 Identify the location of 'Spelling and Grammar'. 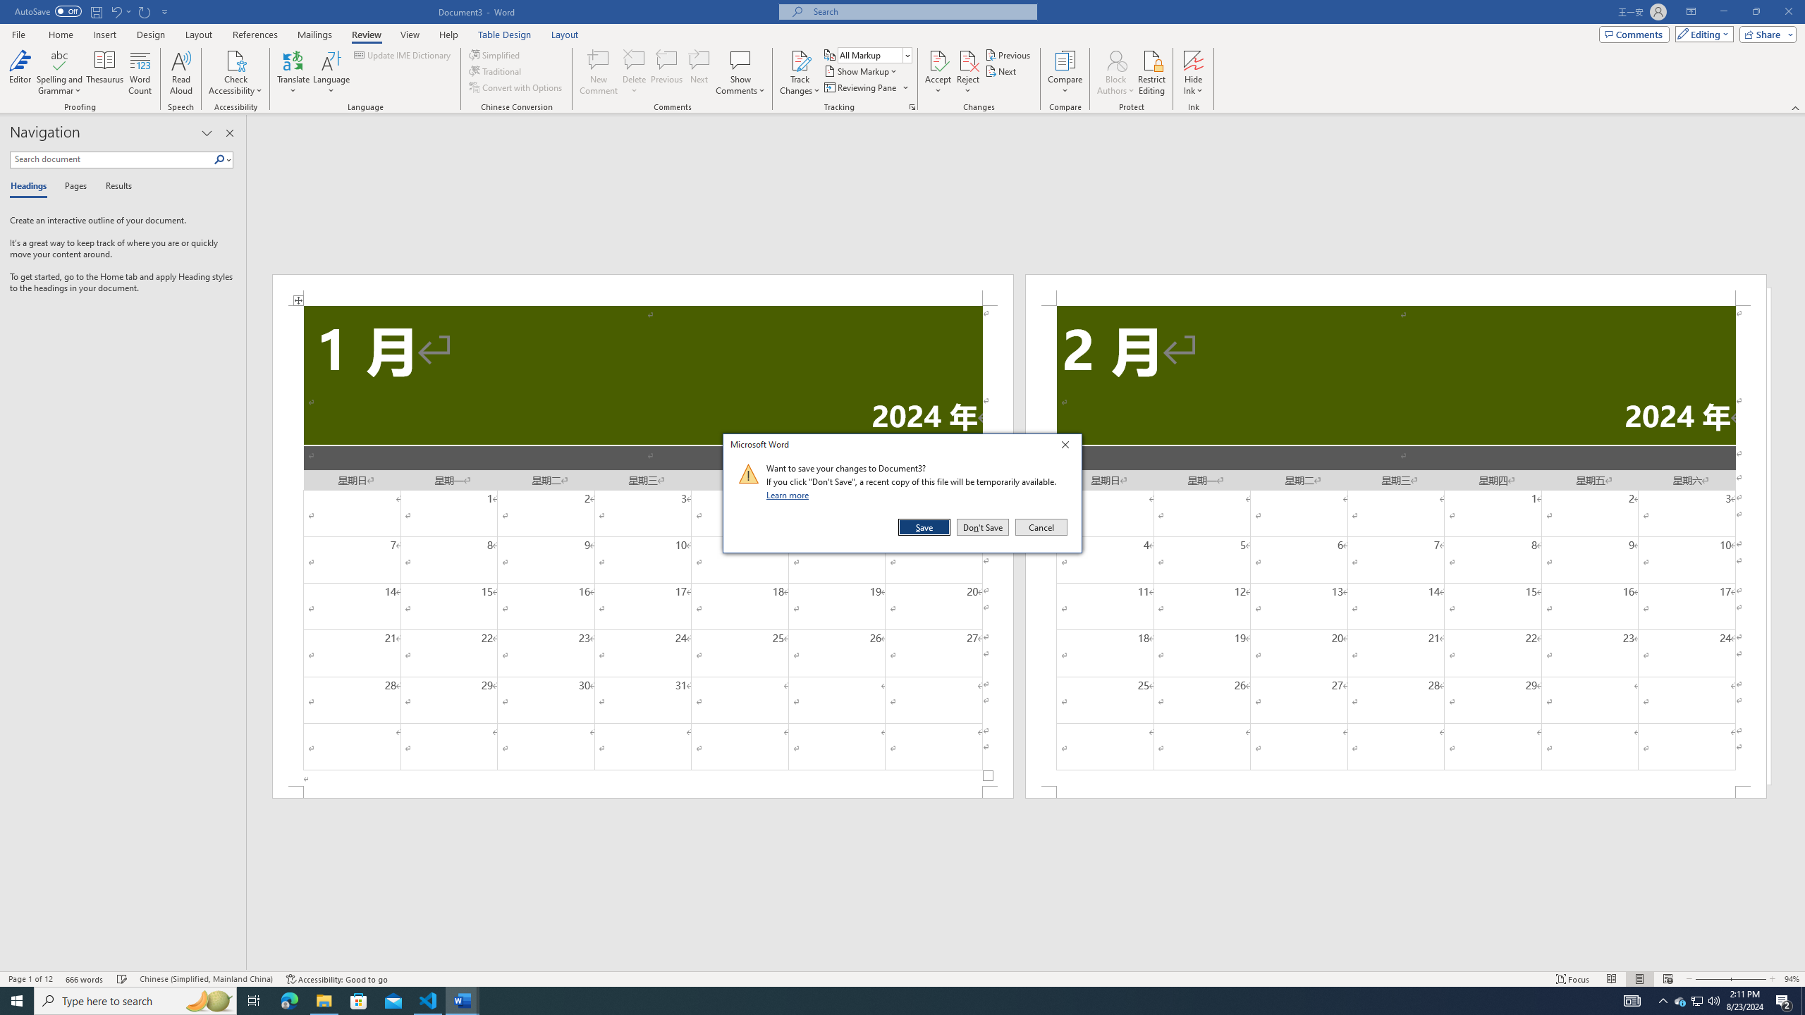
(60, 73).